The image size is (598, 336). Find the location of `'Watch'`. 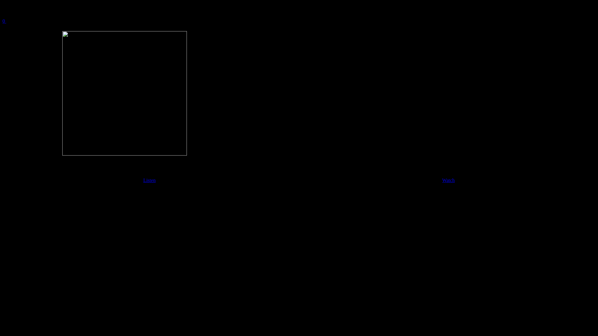

'Watch' is located at coordinates (448, 180).